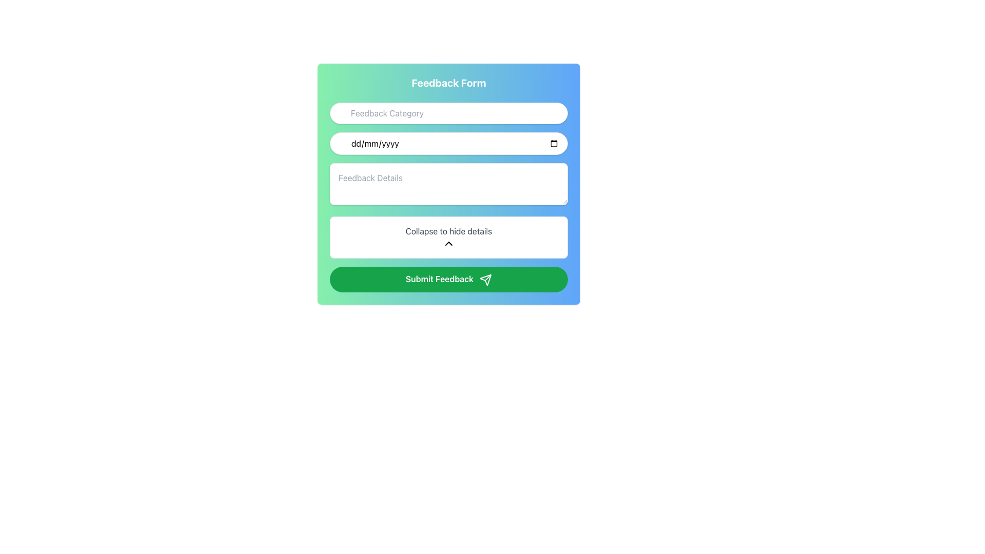  Describe the element at coordinates (448, 279) in the screenshot. I see `the 'Submit Feedback' button, which has a green background, rounded edges, and white text, located at the bottom of the 'Feedback Form' interface` at that location.